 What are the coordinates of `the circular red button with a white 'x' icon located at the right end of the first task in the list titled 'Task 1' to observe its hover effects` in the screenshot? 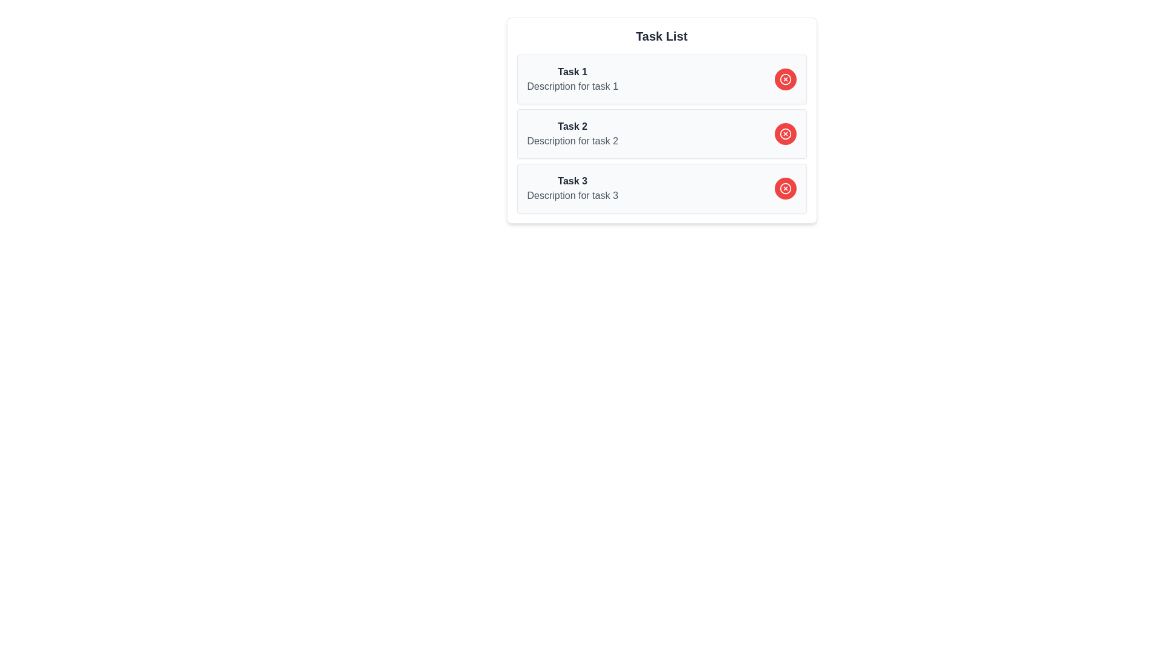 It's located at (785, 79).